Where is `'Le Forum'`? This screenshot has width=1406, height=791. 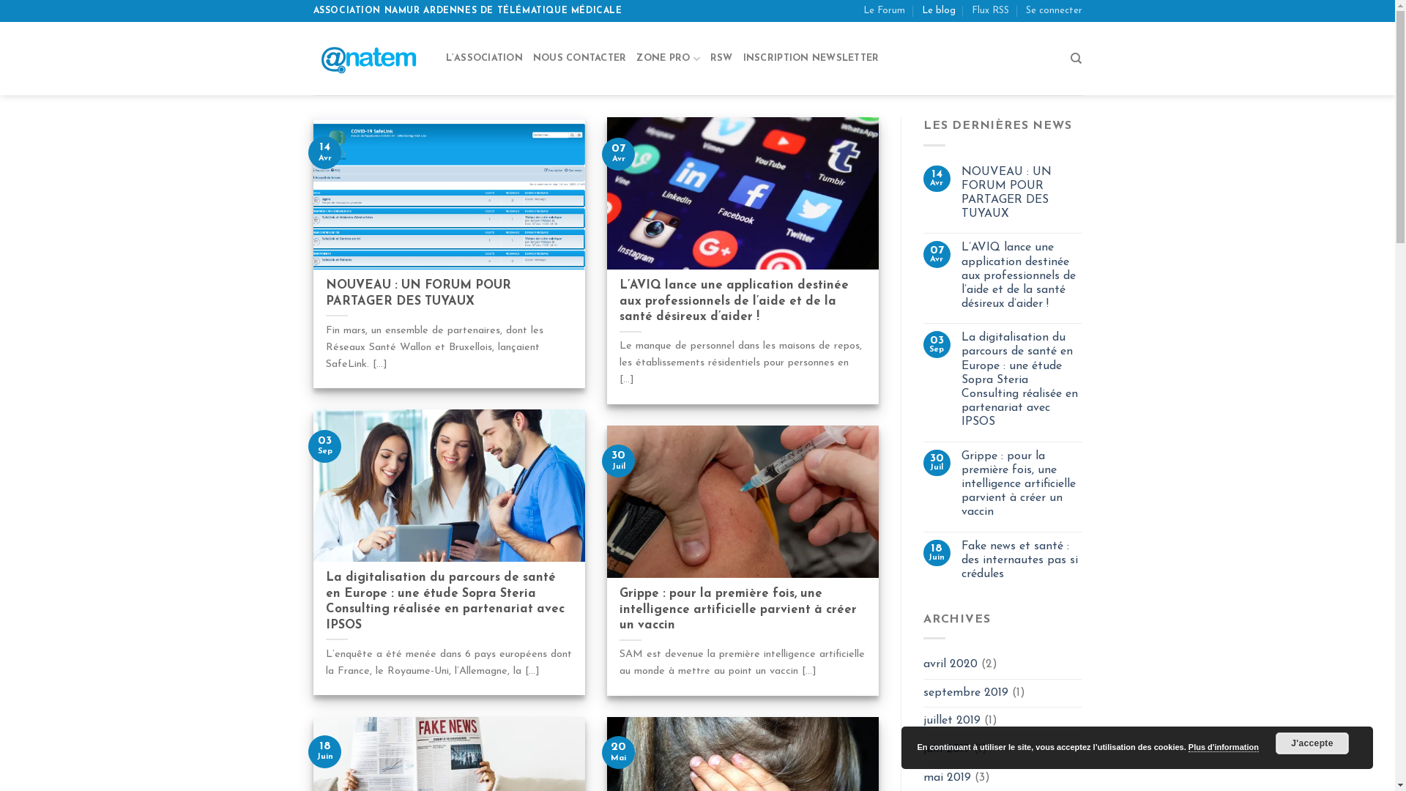
'Le Forum' is located at coordinates (883, 11).